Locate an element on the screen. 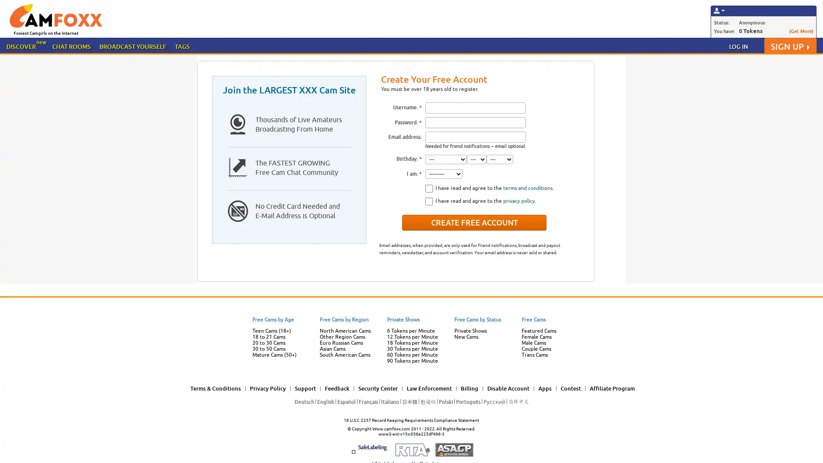 This screenshot has height=463, width=823. Deutsch is located at coordinates (304, 402).